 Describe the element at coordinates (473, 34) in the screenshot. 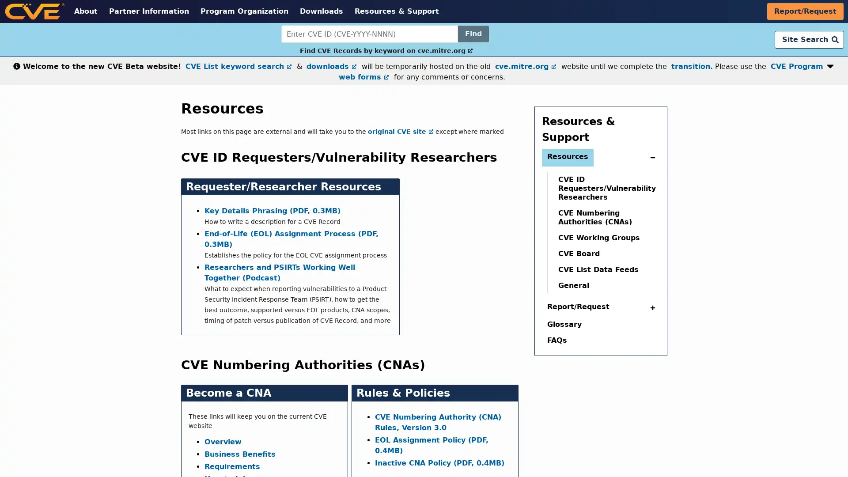

I see `Find` at that location.